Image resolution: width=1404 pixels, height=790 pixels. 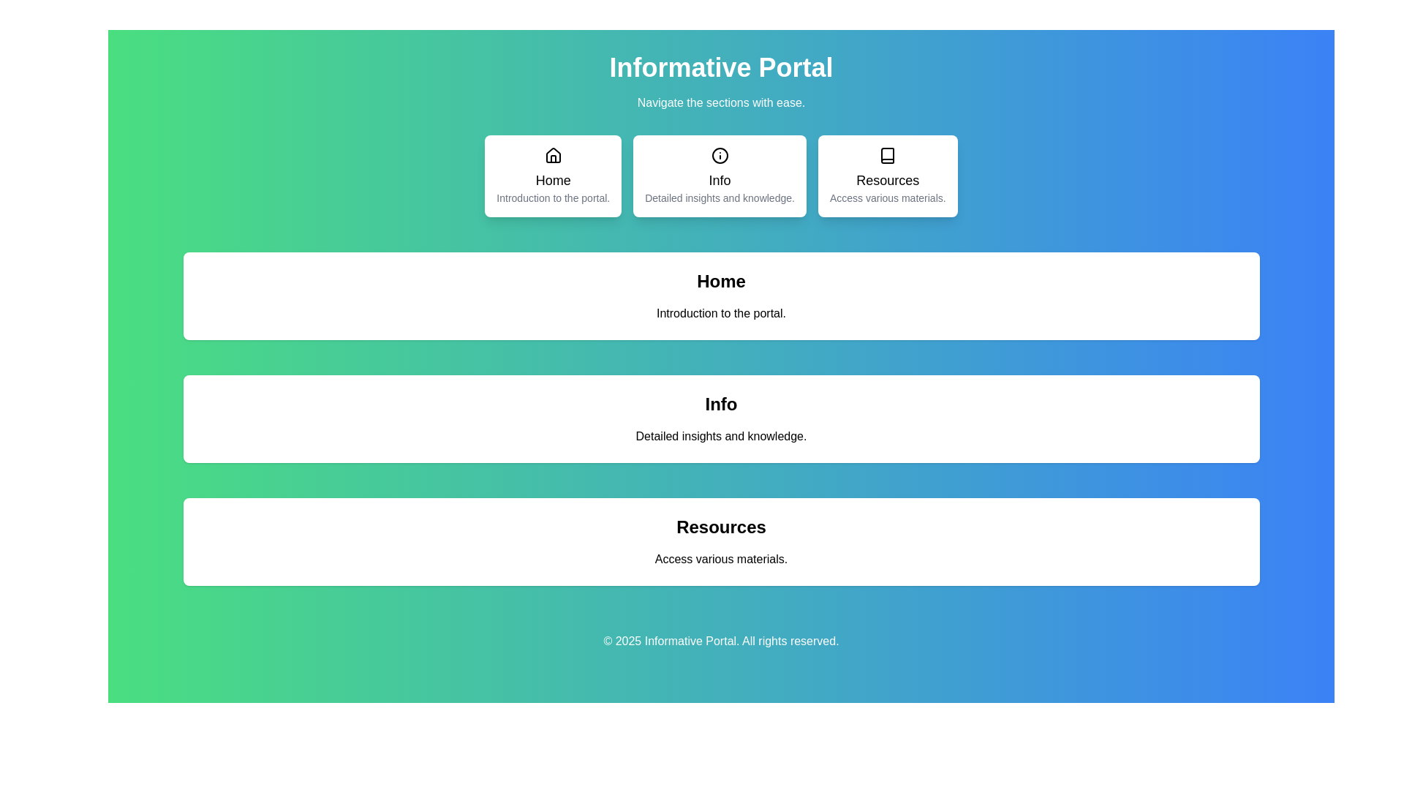 I want to click on label 'Home' which is a bold text element centered in the first card at the top of the page, so click(x=552, y=179).